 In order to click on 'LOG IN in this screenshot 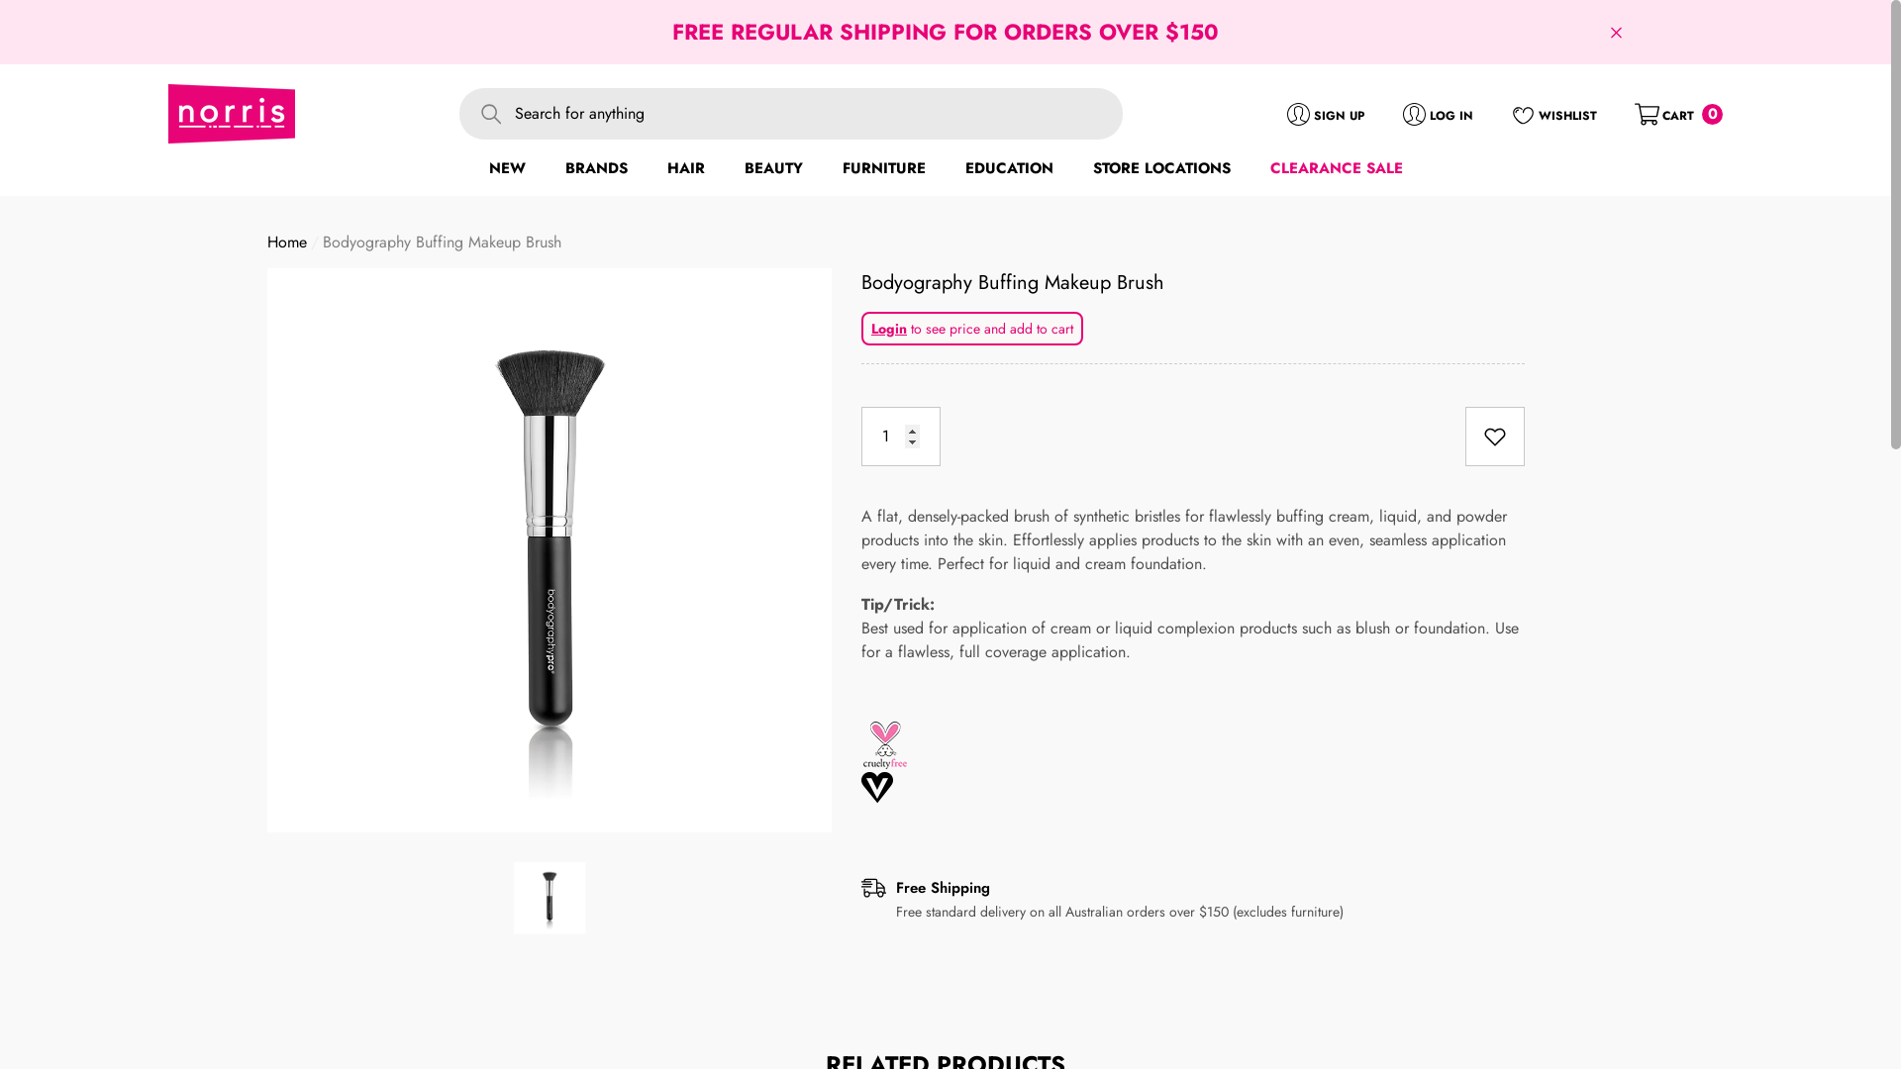, I will do `click(1438, 113)`.